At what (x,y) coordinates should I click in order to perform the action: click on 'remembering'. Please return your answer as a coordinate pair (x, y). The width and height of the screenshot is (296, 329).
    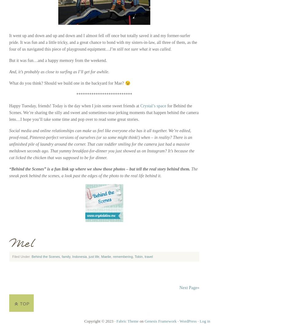
    Looking at the image, I should click on (113, 256).